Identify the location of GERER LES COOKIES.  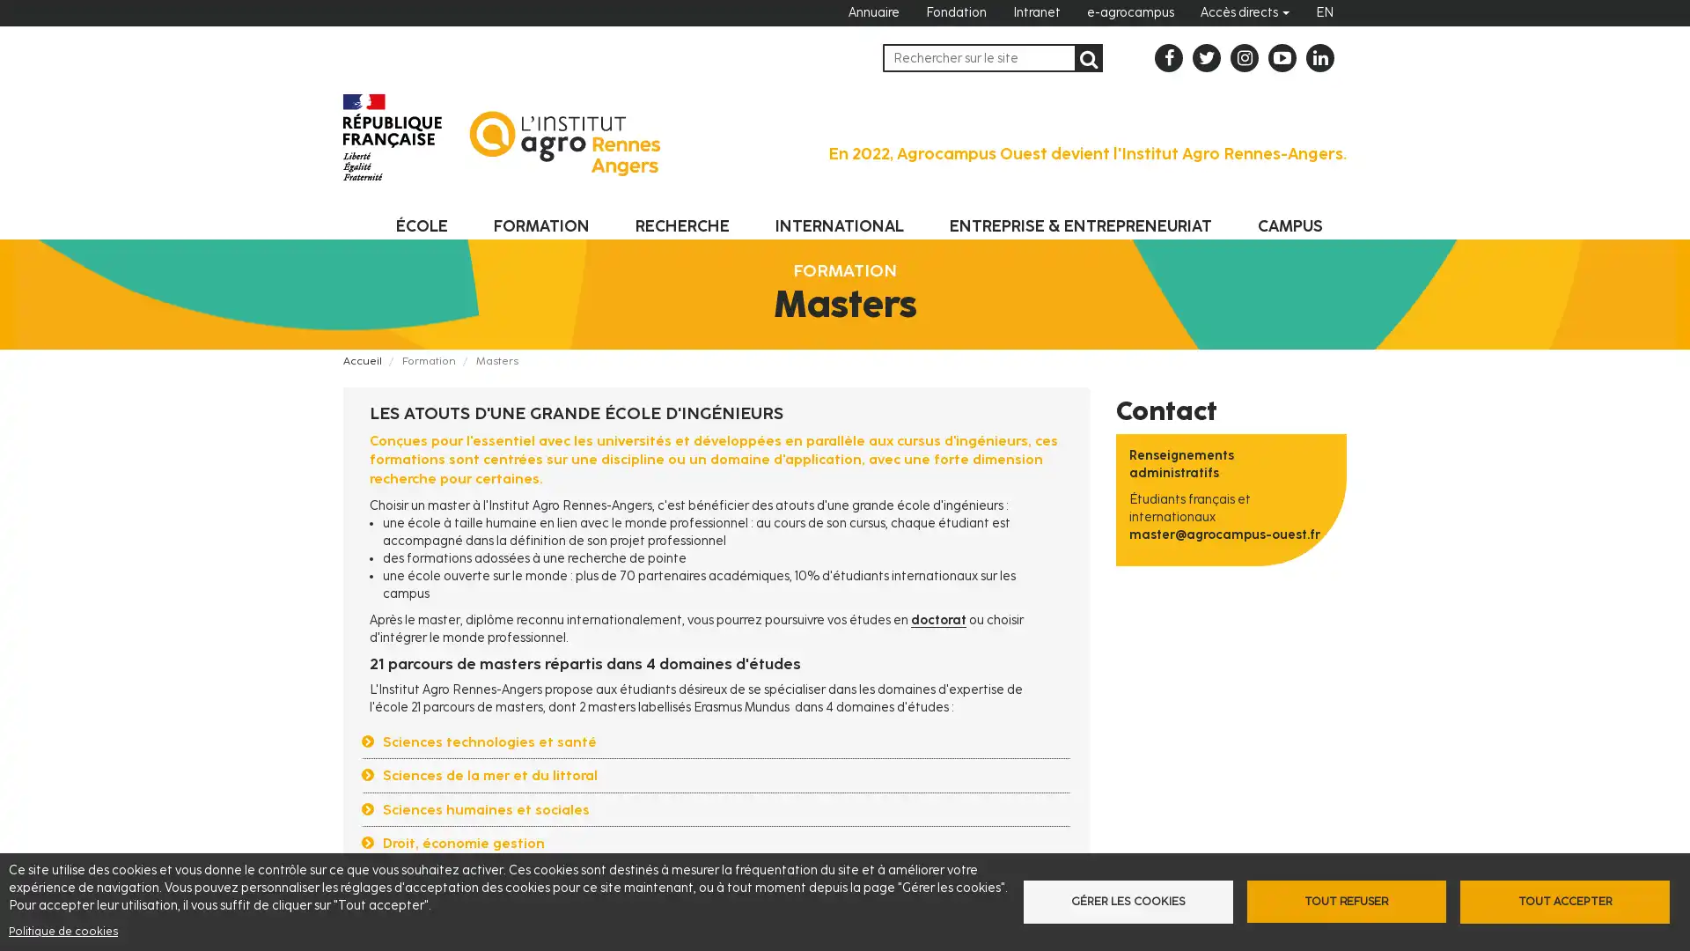
(1132, 901).